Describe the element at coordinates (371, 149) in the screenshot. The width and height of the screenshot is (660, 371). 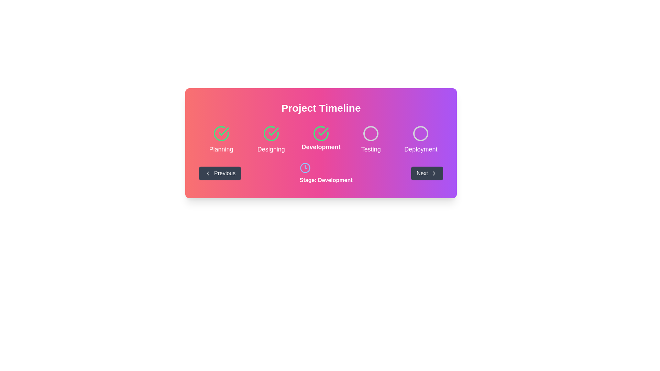
I see `text content of the label displaying 'Testing', which is located under the 'Development' label in the 'Project Timeline' section` at that location.